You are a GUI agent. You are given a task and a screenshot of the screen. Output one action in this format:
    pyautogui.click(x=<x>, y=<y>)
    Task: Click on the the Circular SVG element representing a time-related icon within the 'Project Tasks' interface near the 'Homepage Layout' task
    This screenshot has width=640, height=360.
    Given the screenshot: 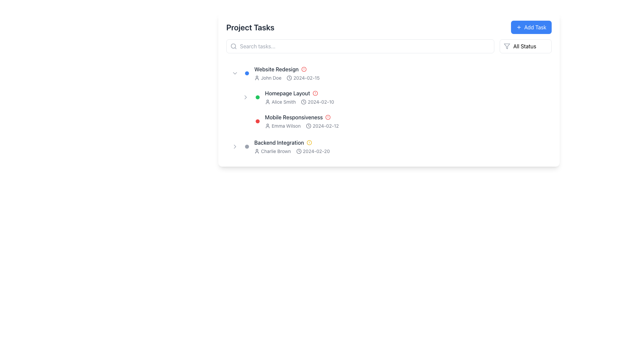 What is the action you would take?
    pyautogui.click(x=303, y=102)
    